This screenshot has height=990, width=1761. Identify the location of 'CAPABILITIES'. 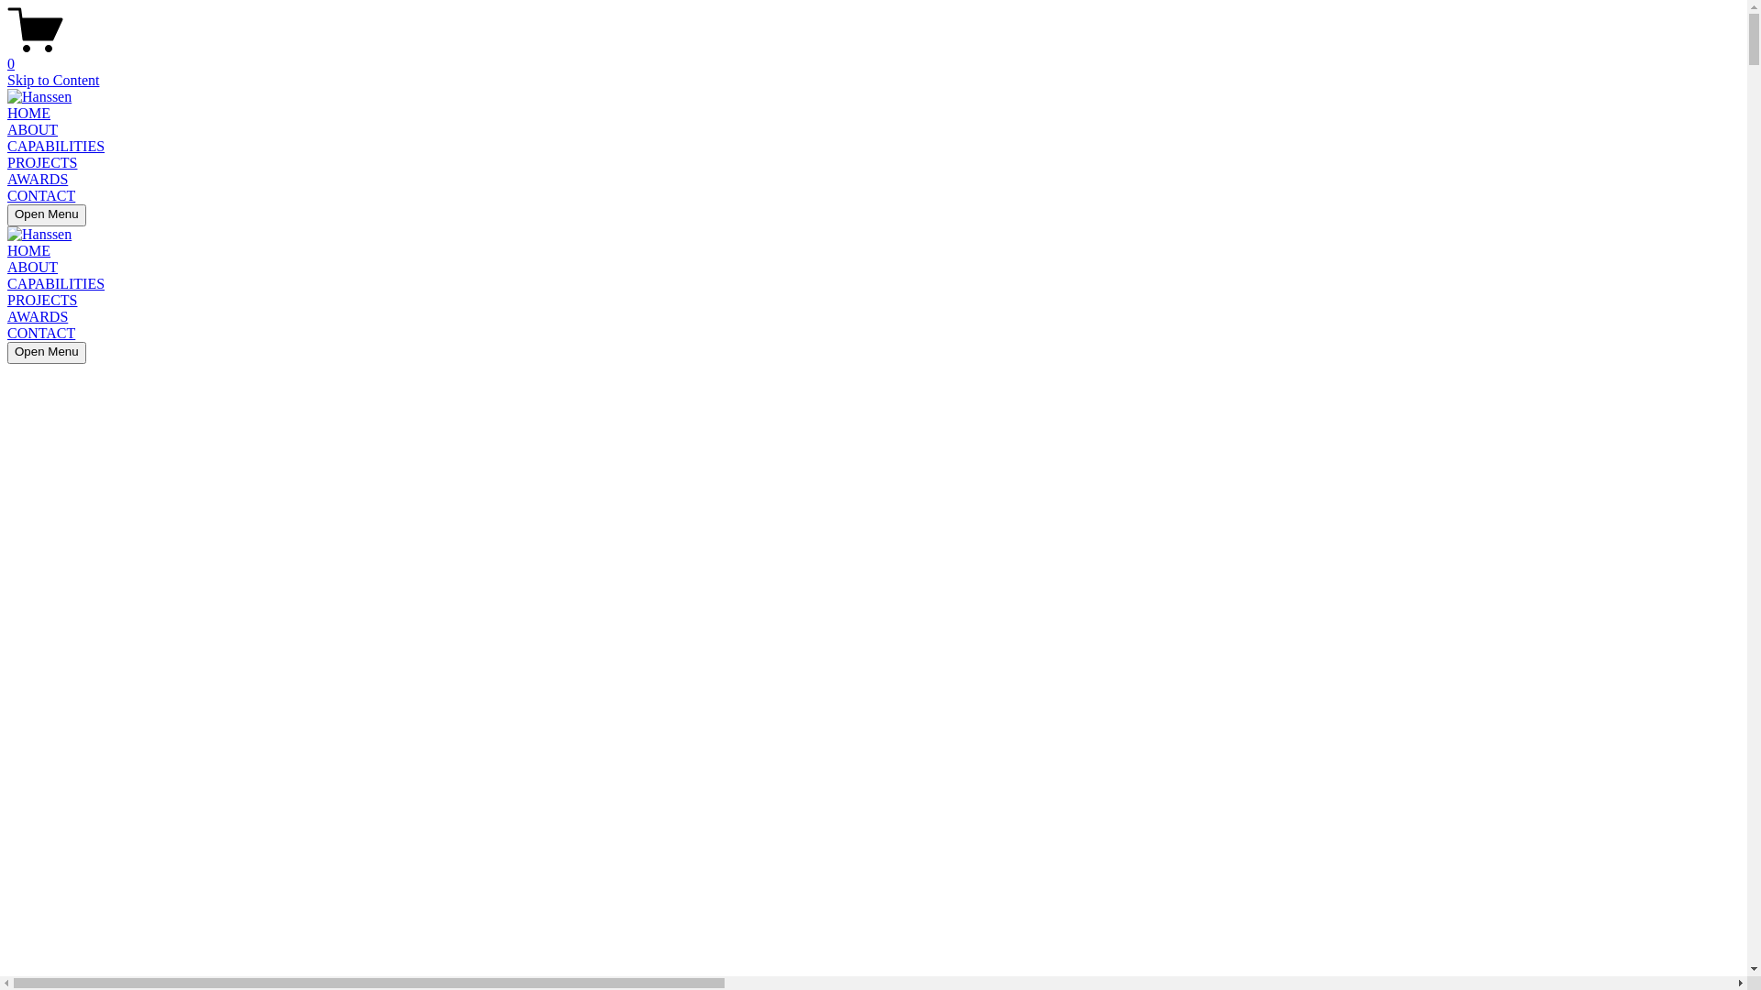
(56, 283).